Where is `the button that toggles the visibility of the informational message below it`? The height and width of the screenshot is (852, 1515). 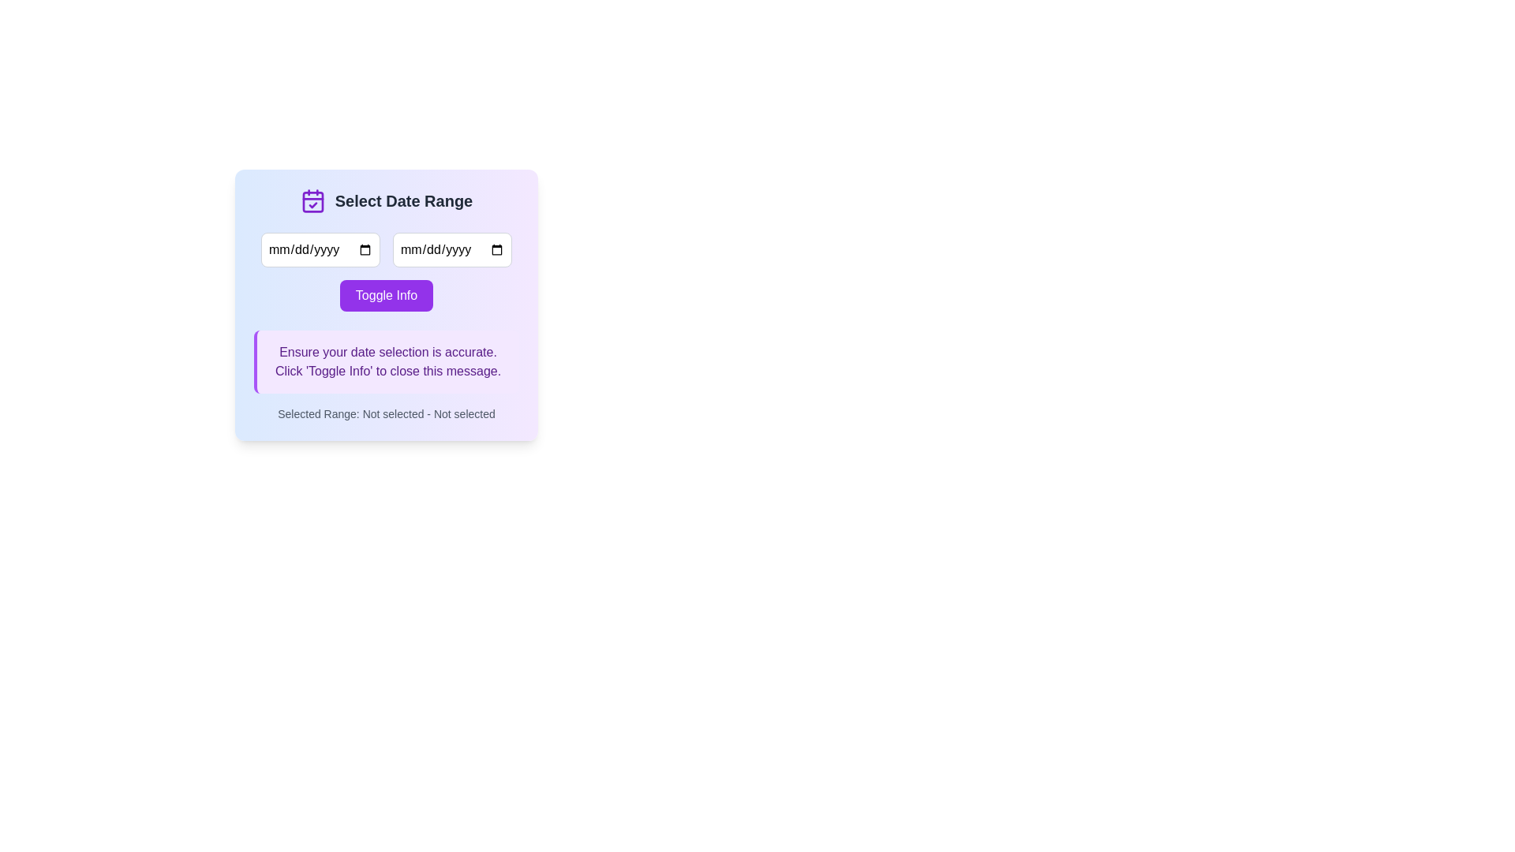 the button that toggles the visibility of the informational message below it is located at coordinates (386, 295).